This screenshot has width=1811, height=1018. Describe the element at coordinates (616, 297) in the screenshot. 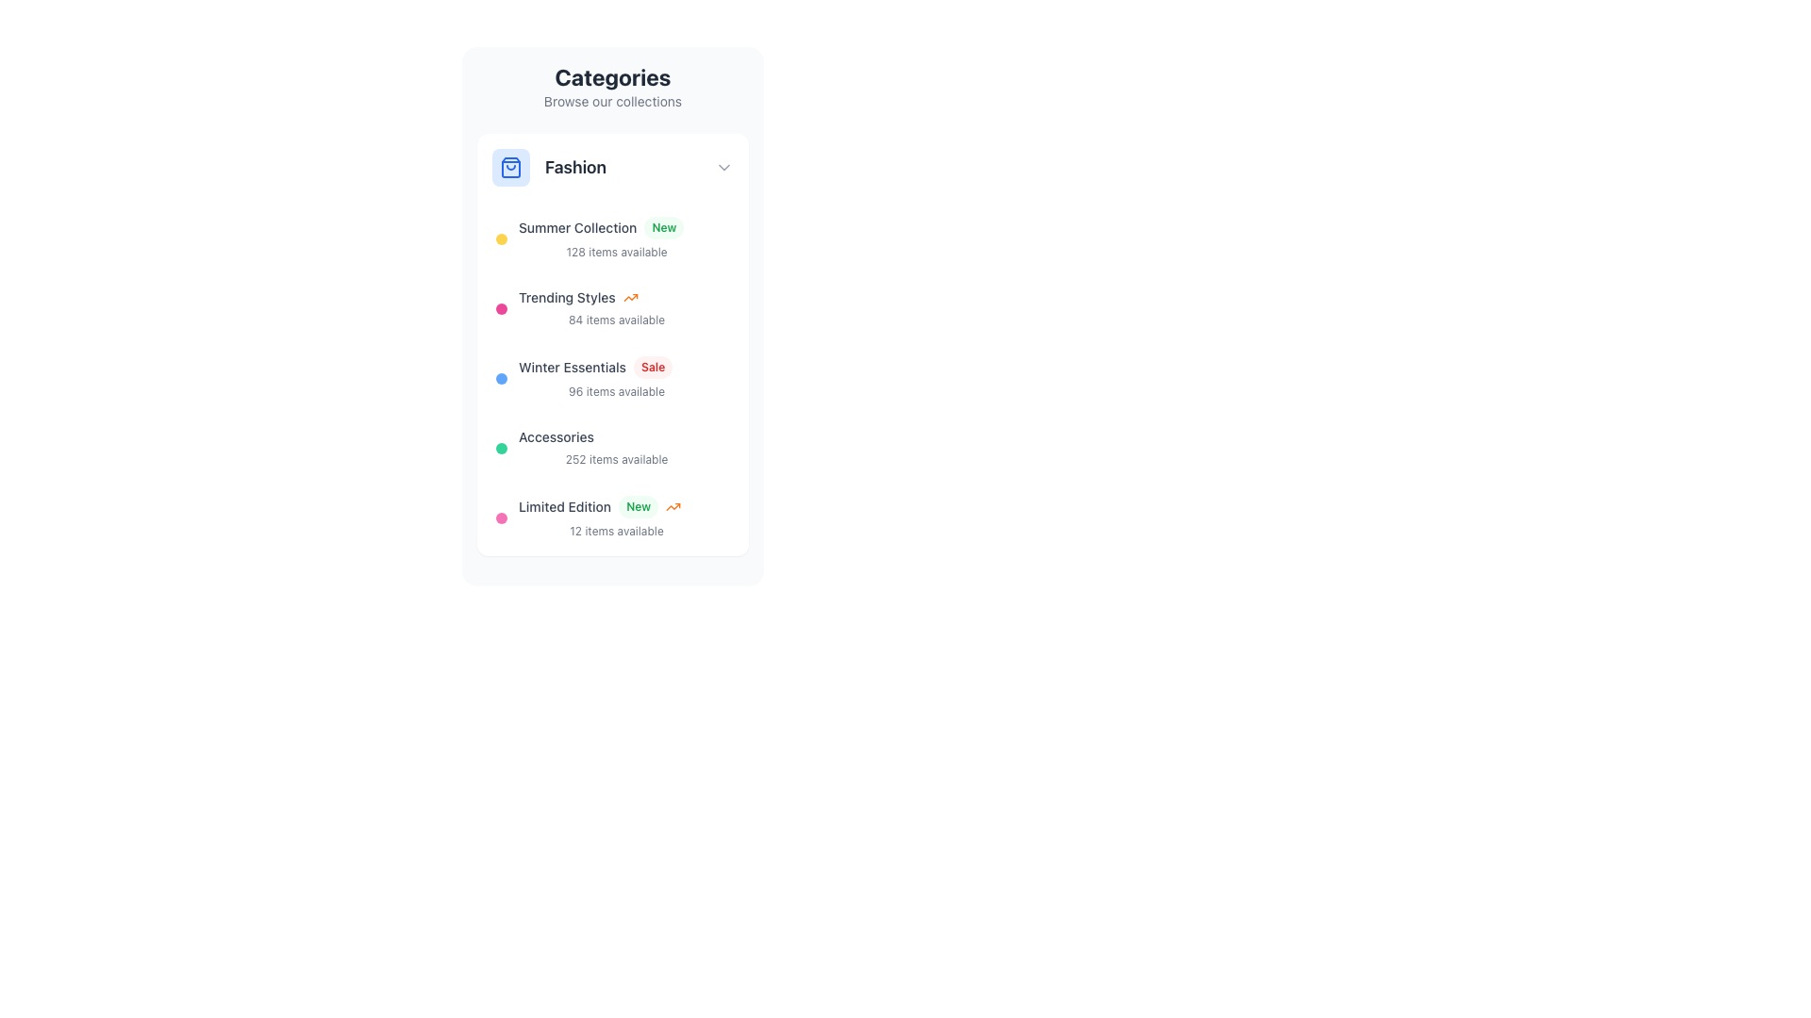

I see `the 'Trending Styles' text element located in the vertical list under the 'Fashion' category, specifically positioned between 'Summer Collection' and 'Winter Essentials'` at that location.